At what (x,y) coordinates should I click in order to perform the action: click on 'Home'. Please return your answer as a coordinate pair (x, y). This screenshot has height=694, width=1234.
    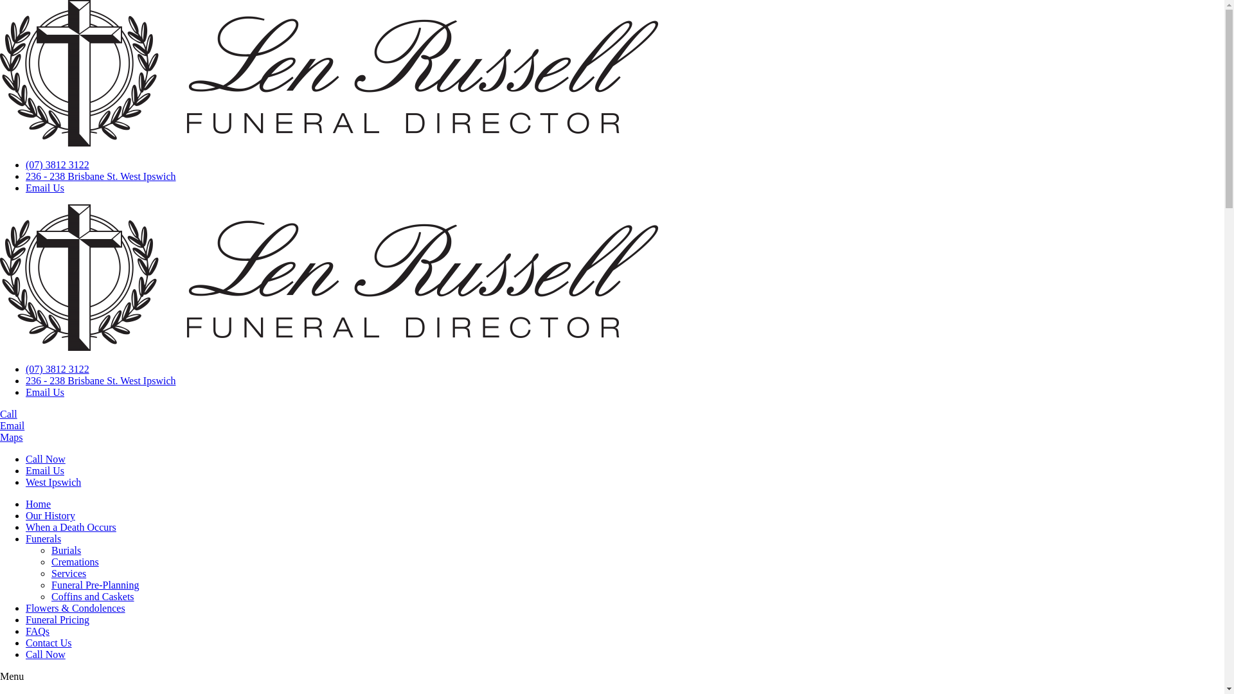
    Looking at the image, I should click on (38, 503).